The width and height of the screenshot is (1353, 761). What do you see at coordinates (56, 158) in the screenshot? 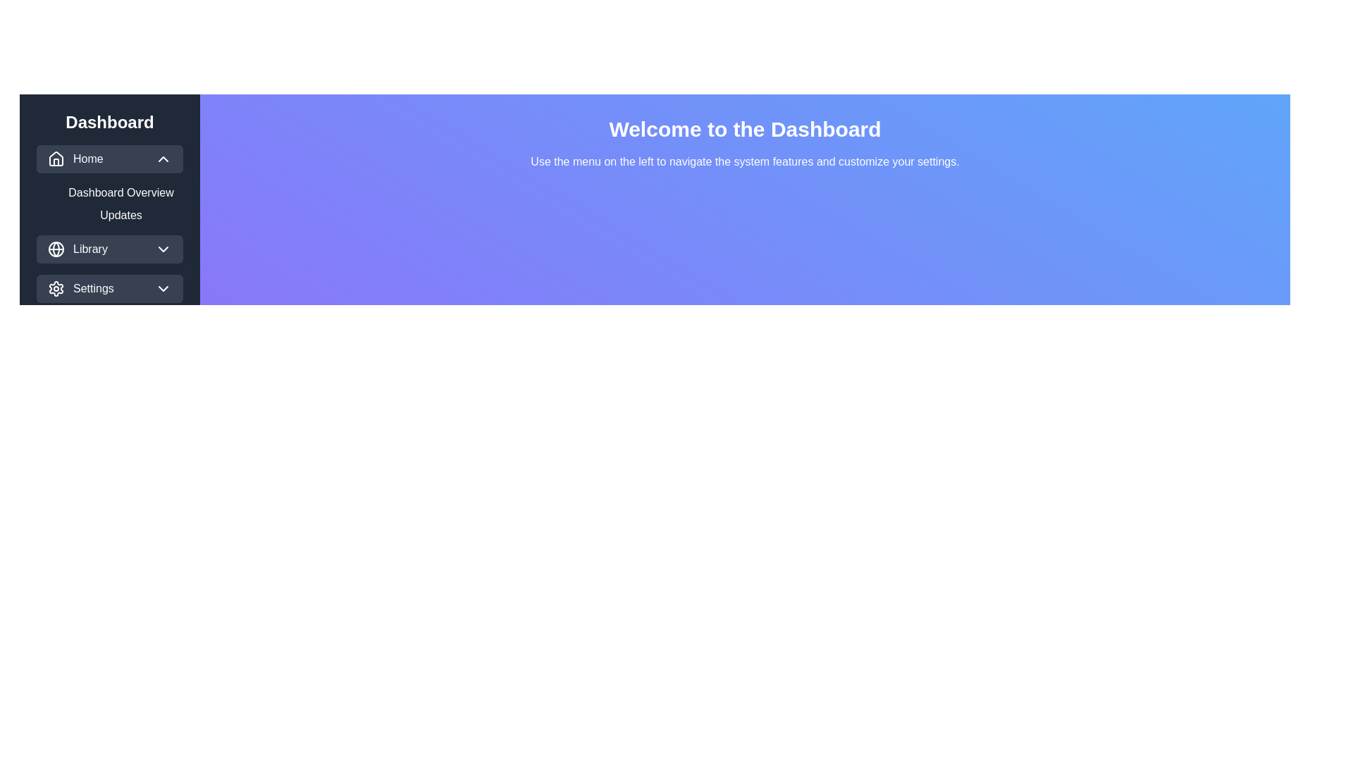
I see `the house-shaped icon located within the 'Home' menu item in the left panel` at bounding box center [56, 158].